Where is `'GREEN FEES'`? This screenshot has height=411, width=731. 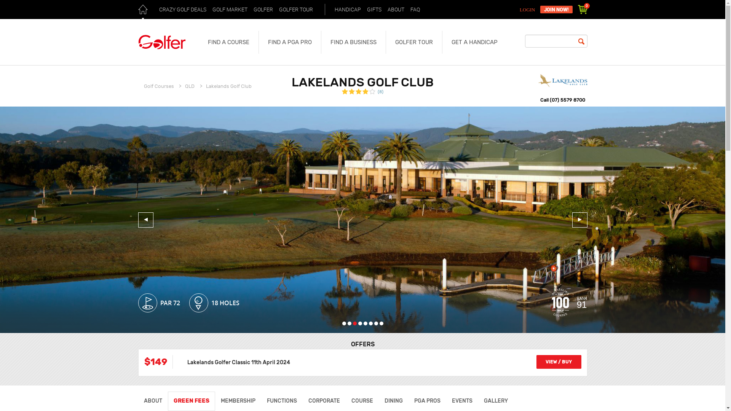 'GREEN FEES' is located at coordinates (191, 400).